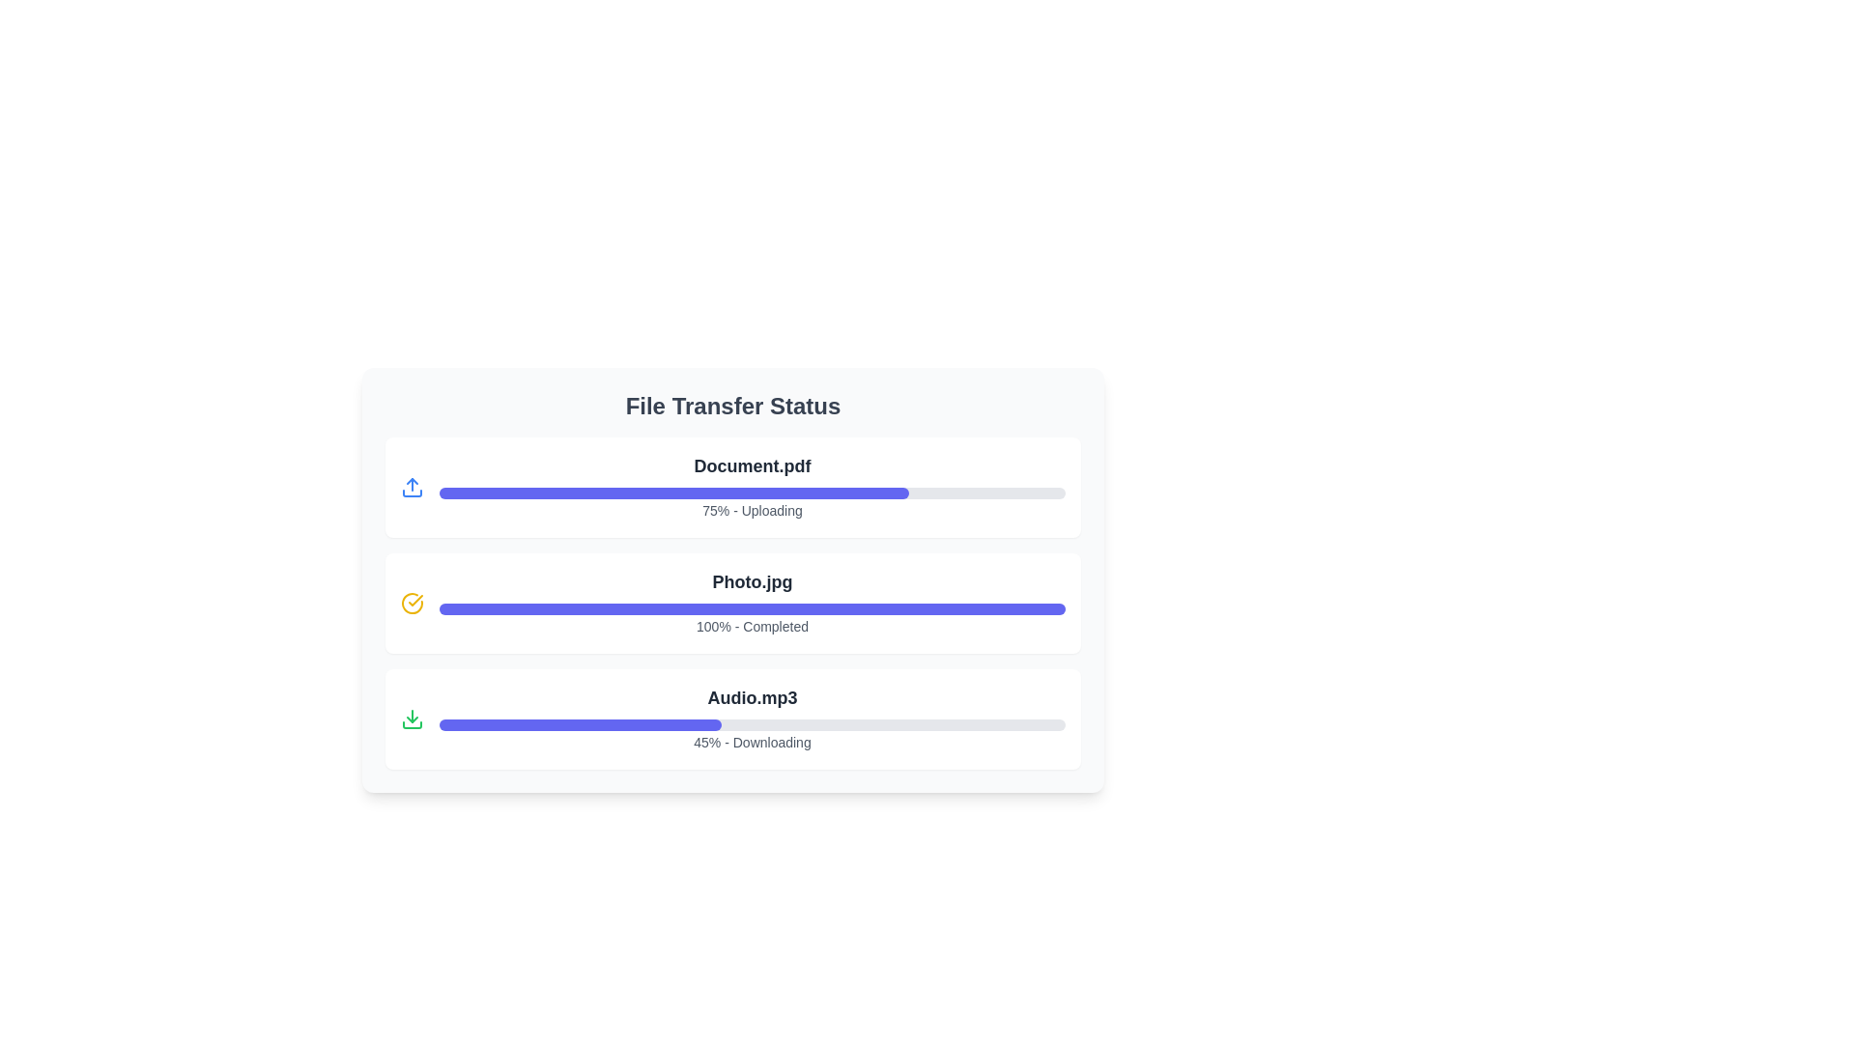 The image size is (1855, 1043). What do you see at coordinates (751, 602) in the screenshot?
I see `the progress bar representing the file transfer of 'Photo.jpg'` at bounding box center [751, 602].